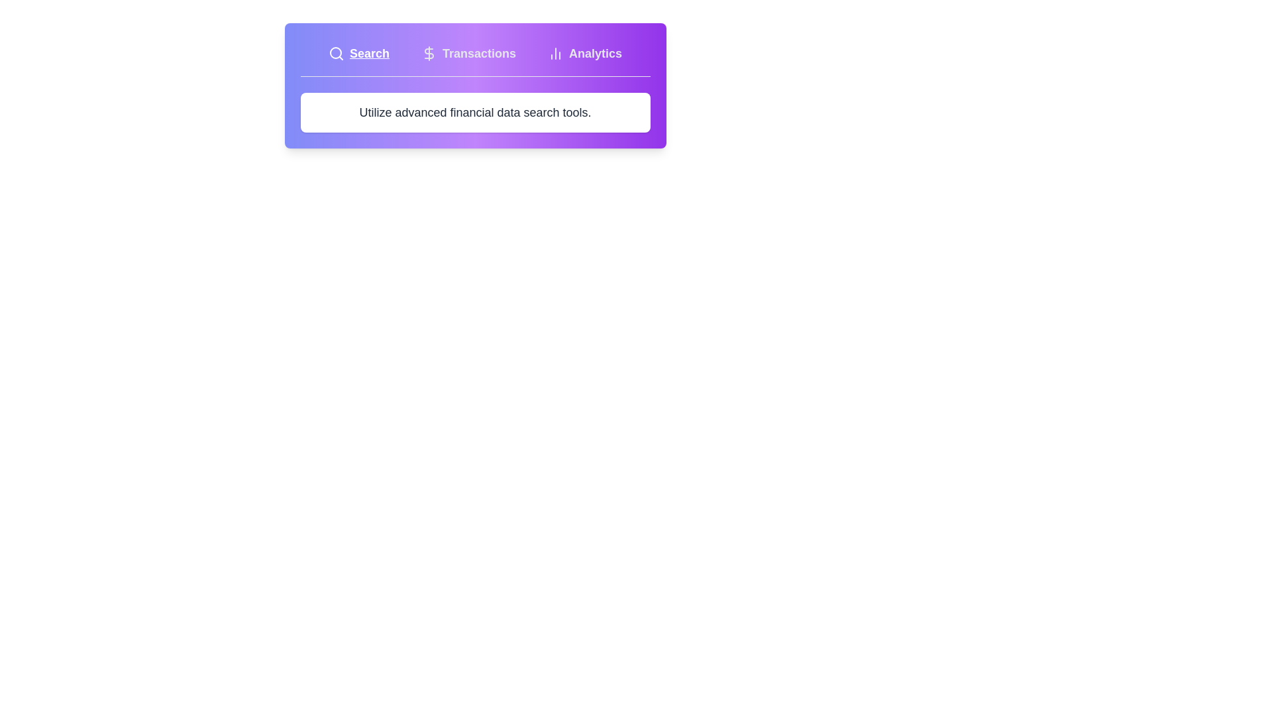 The image size is (1272, 716). What do you see at coordinates (584, 53) in the screenshot?
I see `the tab labeled Analytics to observe its visual effect` at bounding box center [584, 53].